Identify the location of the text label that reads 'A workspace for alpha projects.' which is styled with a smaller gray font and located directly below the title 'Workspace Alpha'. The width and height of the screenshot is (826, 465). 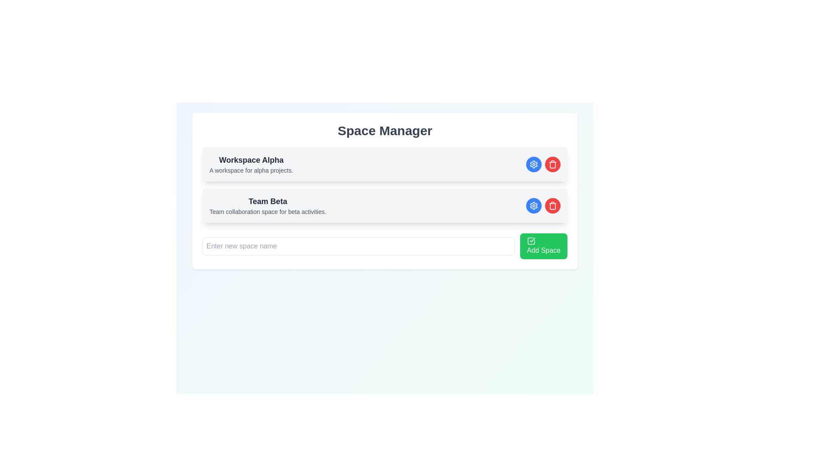
(251, 170).